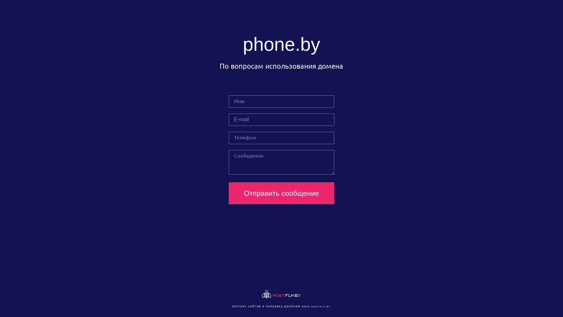 The height and width of the screenshot is (317, 563). What do you see at coordinates (316, 306) in the screenshot?
I see `'WWW.HOSTFLY.BY'` at bounding box center [316, 306].